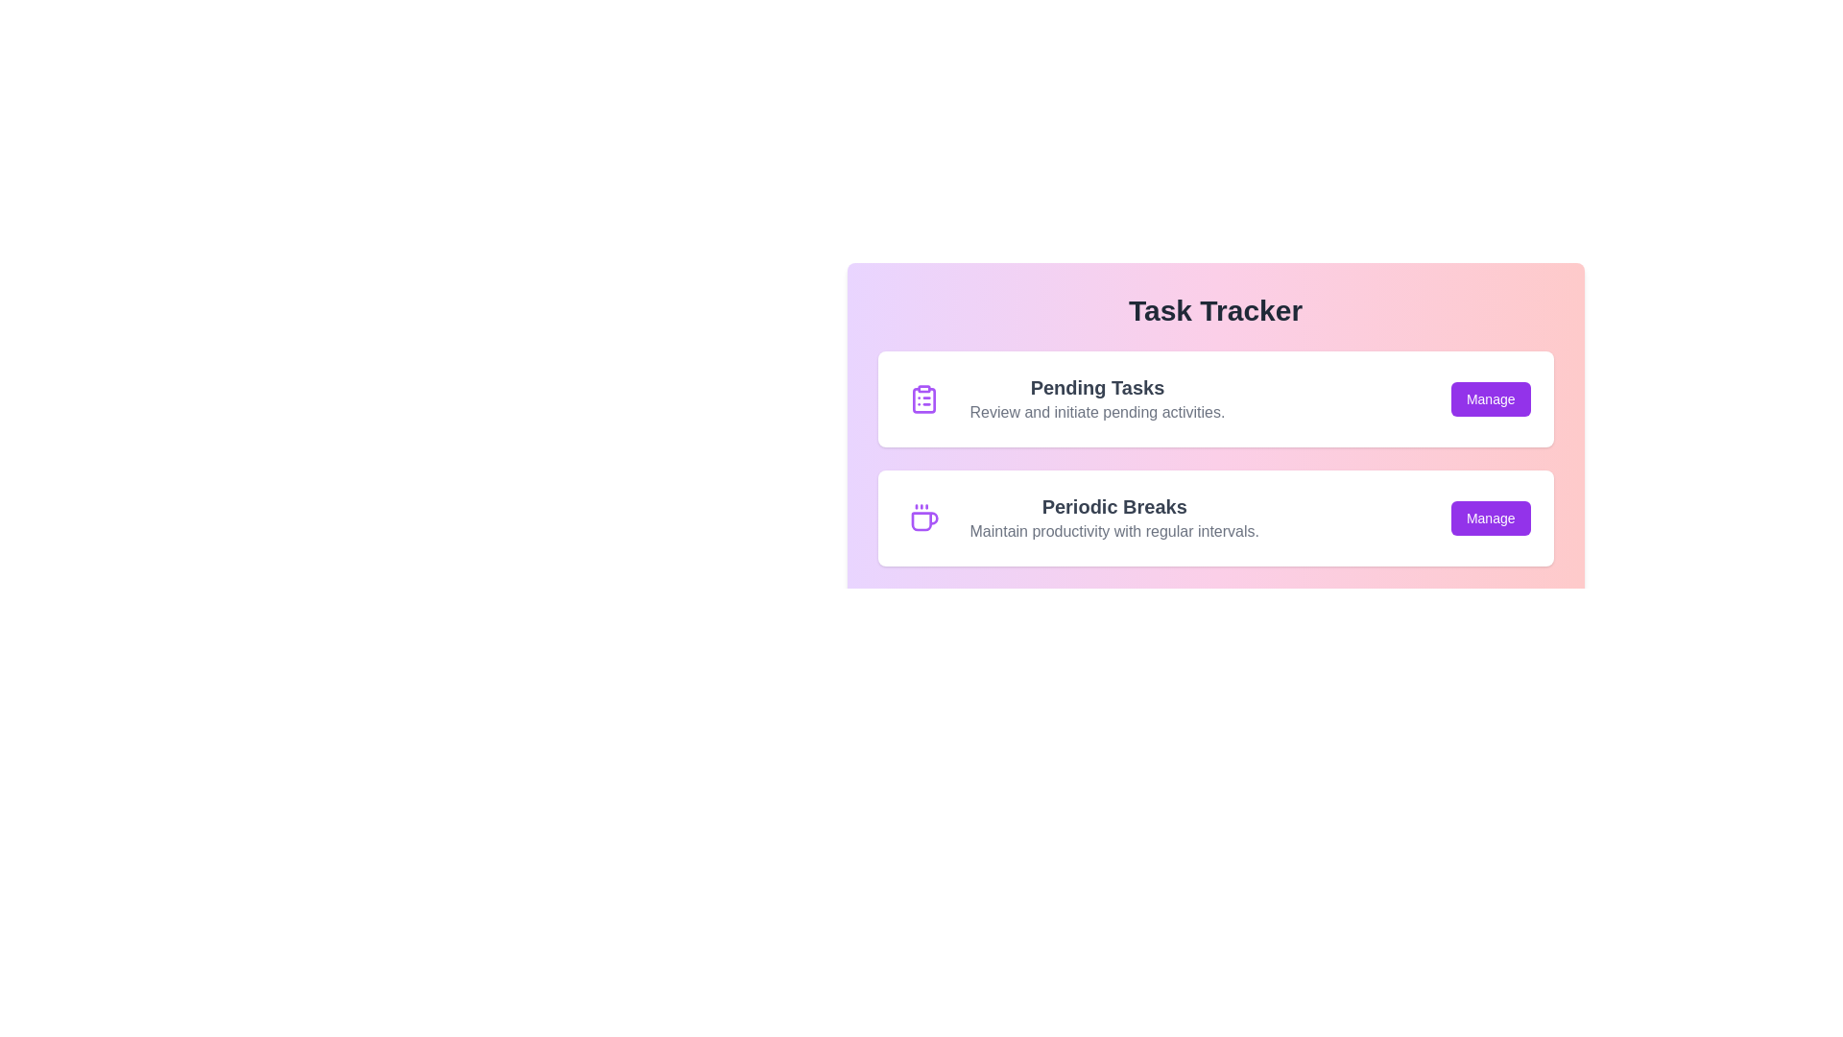  Describe the element at coordinates (1214, 398) in the screenshot. I see `the task item Pending Tasks to observe its hover effect` at that location.